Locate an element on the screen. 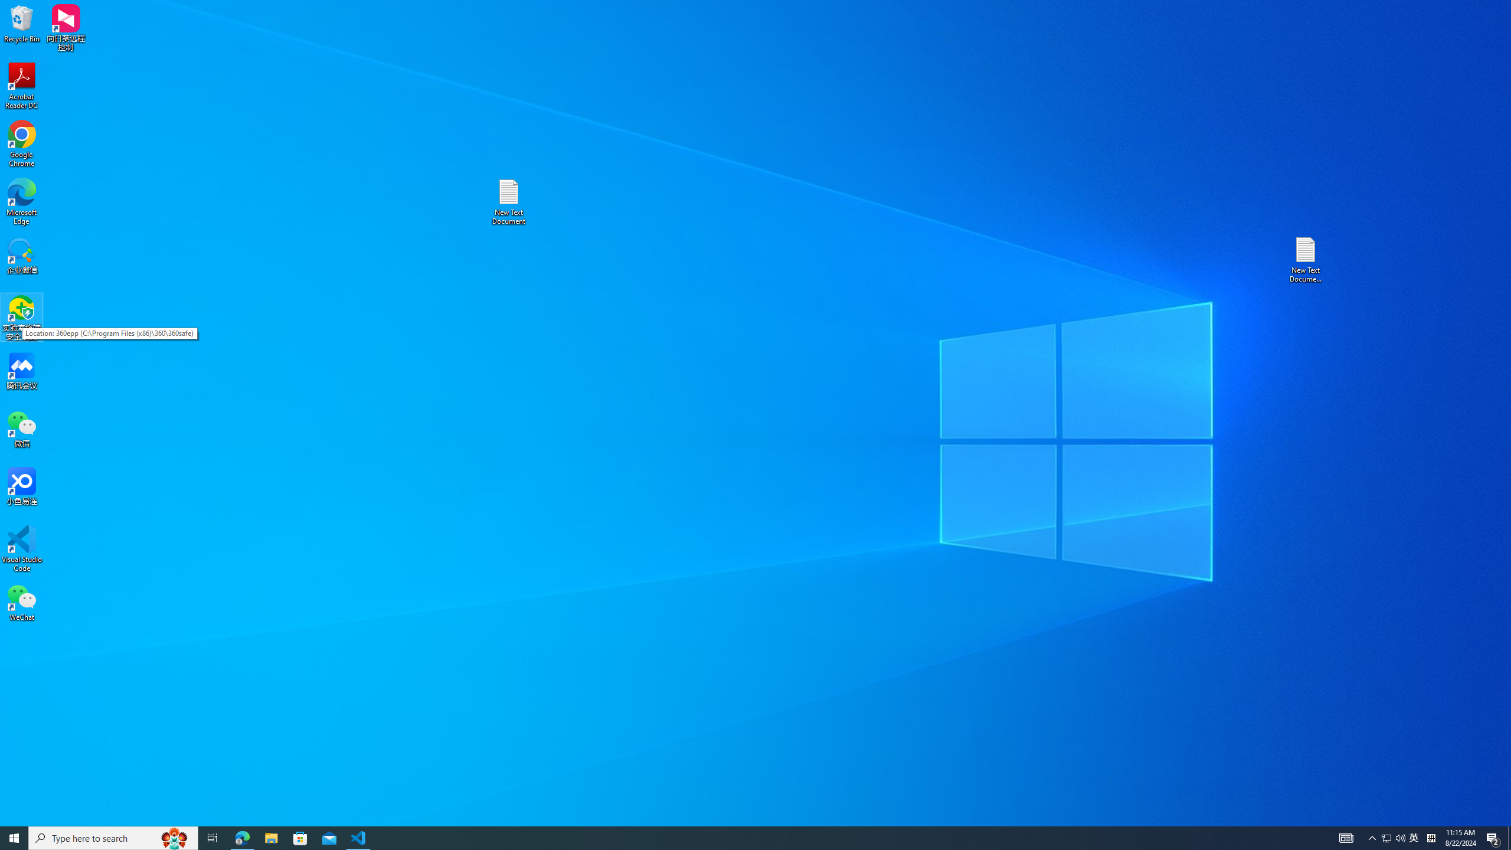 The height and width of the screenshot is (850, 1511). 'Recycle Bin' is located at coordinates (21, 22).